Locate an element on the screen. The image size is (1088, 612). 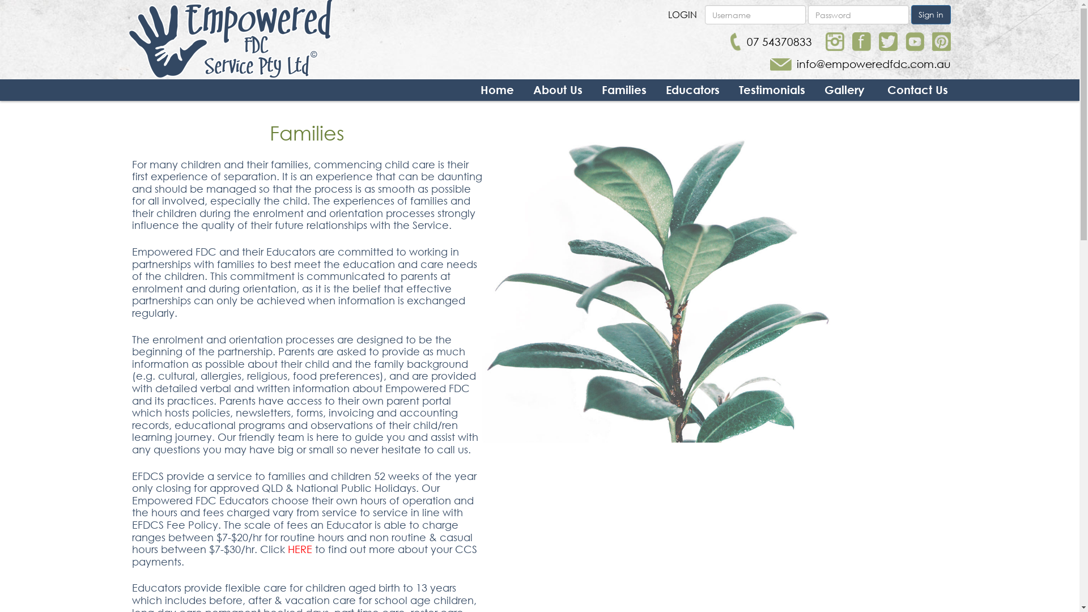
'07 54370833' is located at coordinates (730, 41).